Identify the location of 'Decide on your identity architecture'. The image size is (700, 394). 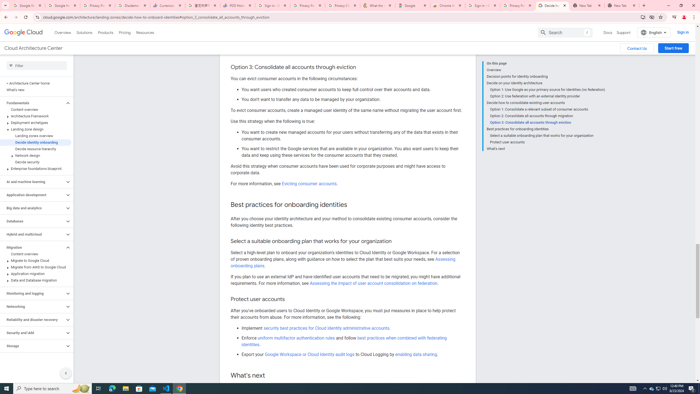
(545, 83).